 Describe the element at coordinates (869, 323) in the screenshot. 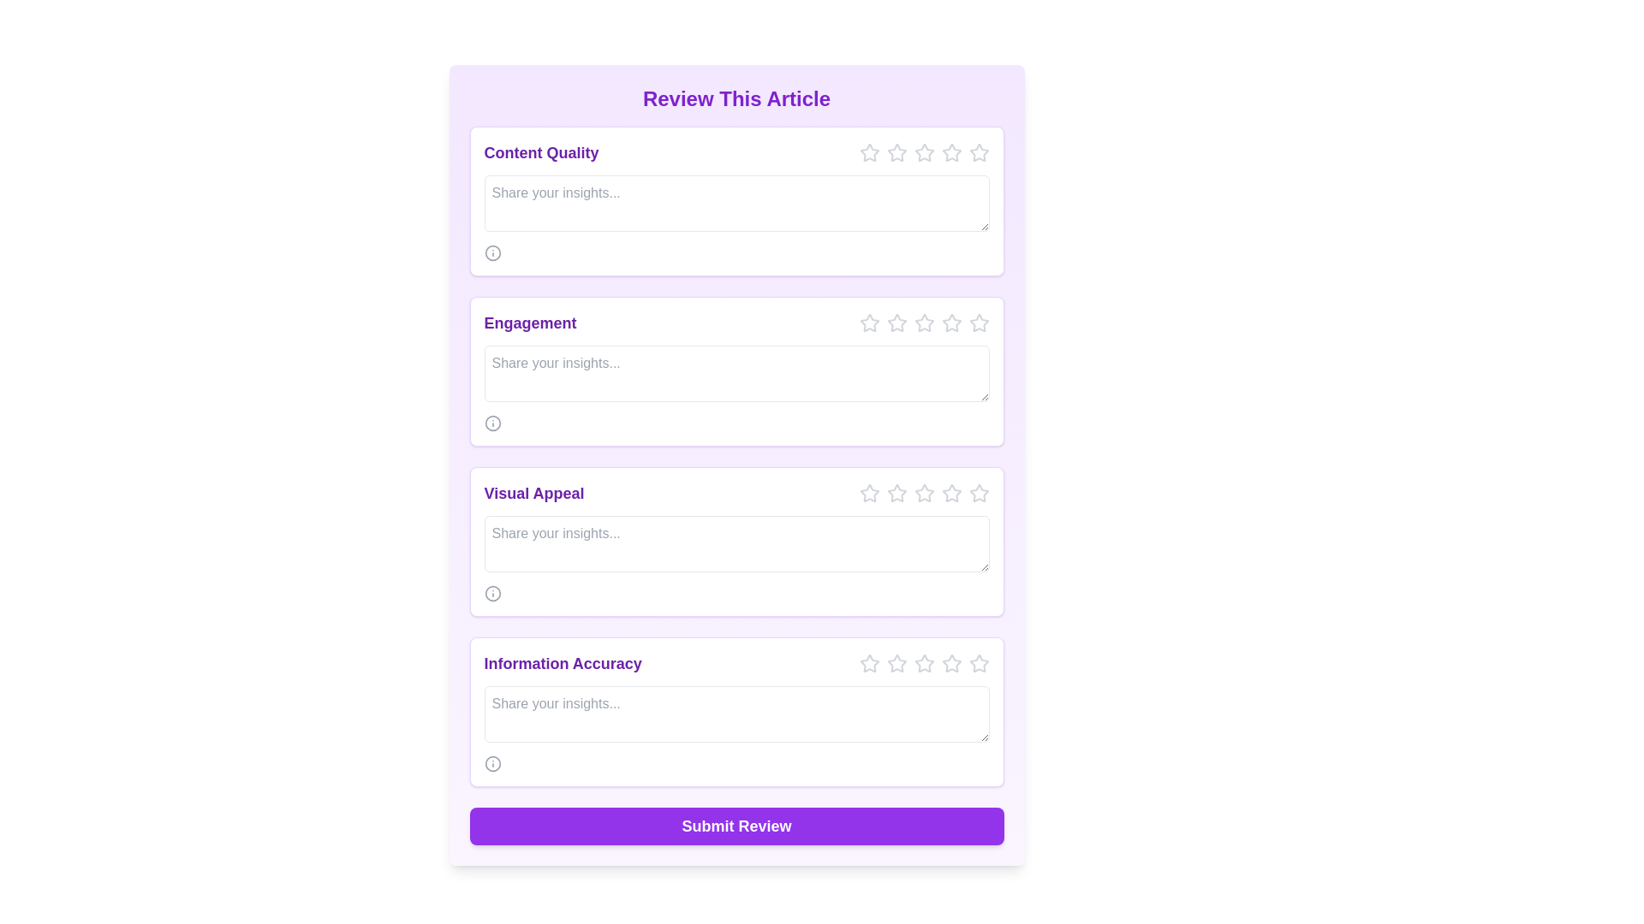

I see `the first interactive star icon in the rating system for the 'Engagement' feedback section to trigger the hover effect` at that location.